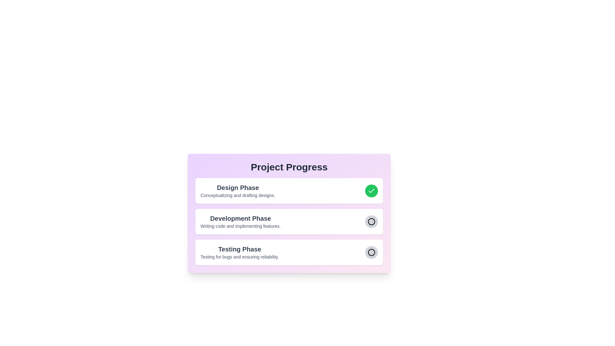  What do you see at coordinates (289, 213) in the screenshot?
I see `the 'Development Phase' informative card in the project progress tracker` at bounding box center [289, 213].